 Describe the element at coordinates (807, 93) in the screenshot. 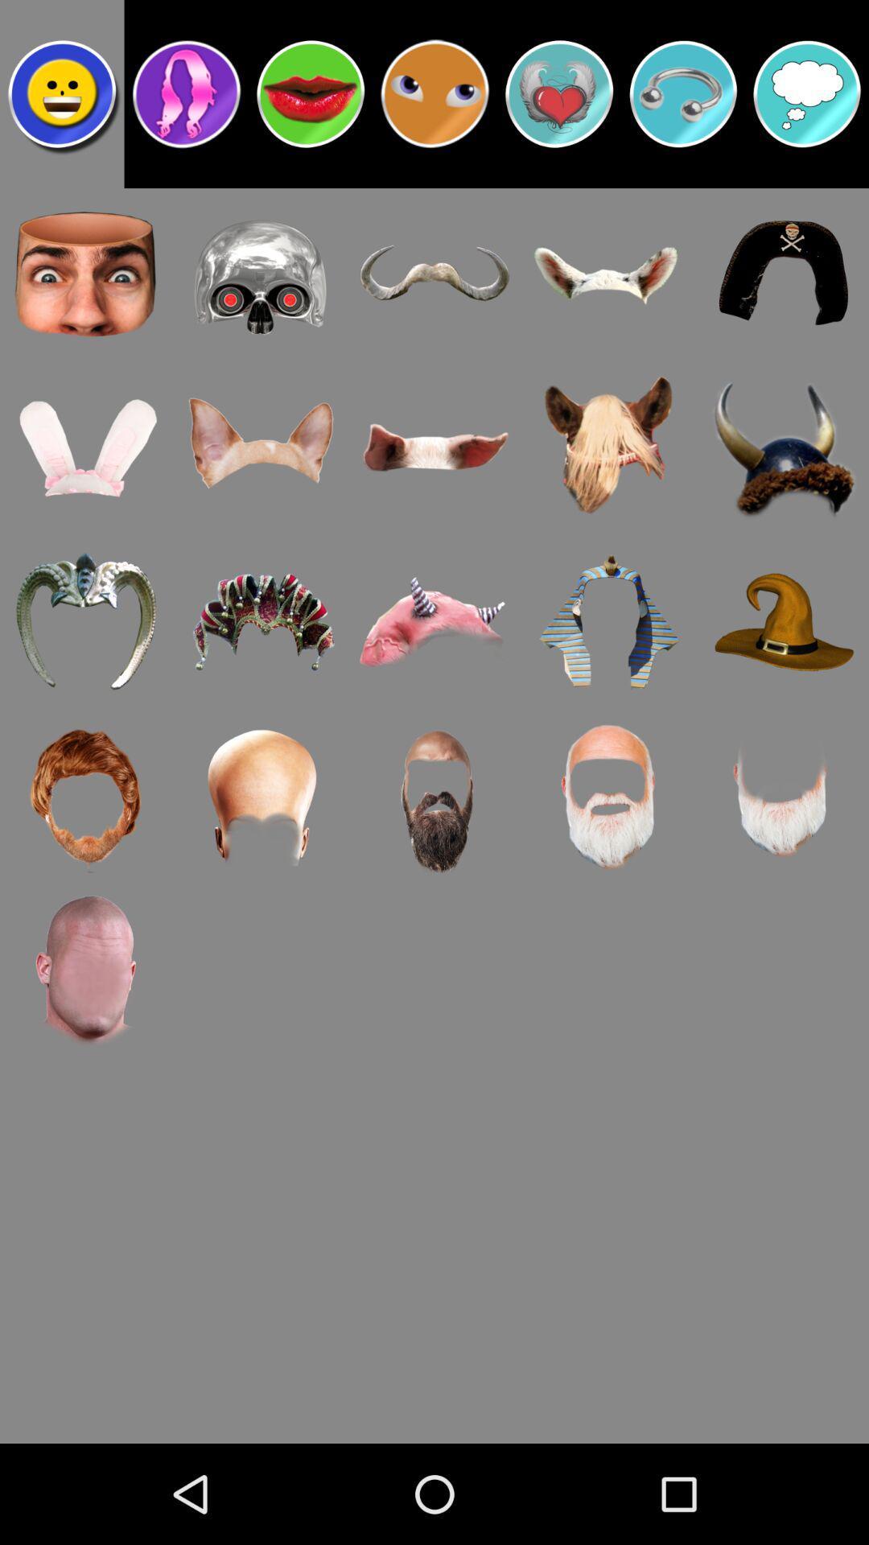

I see `show thought bubble pictures` at that location.